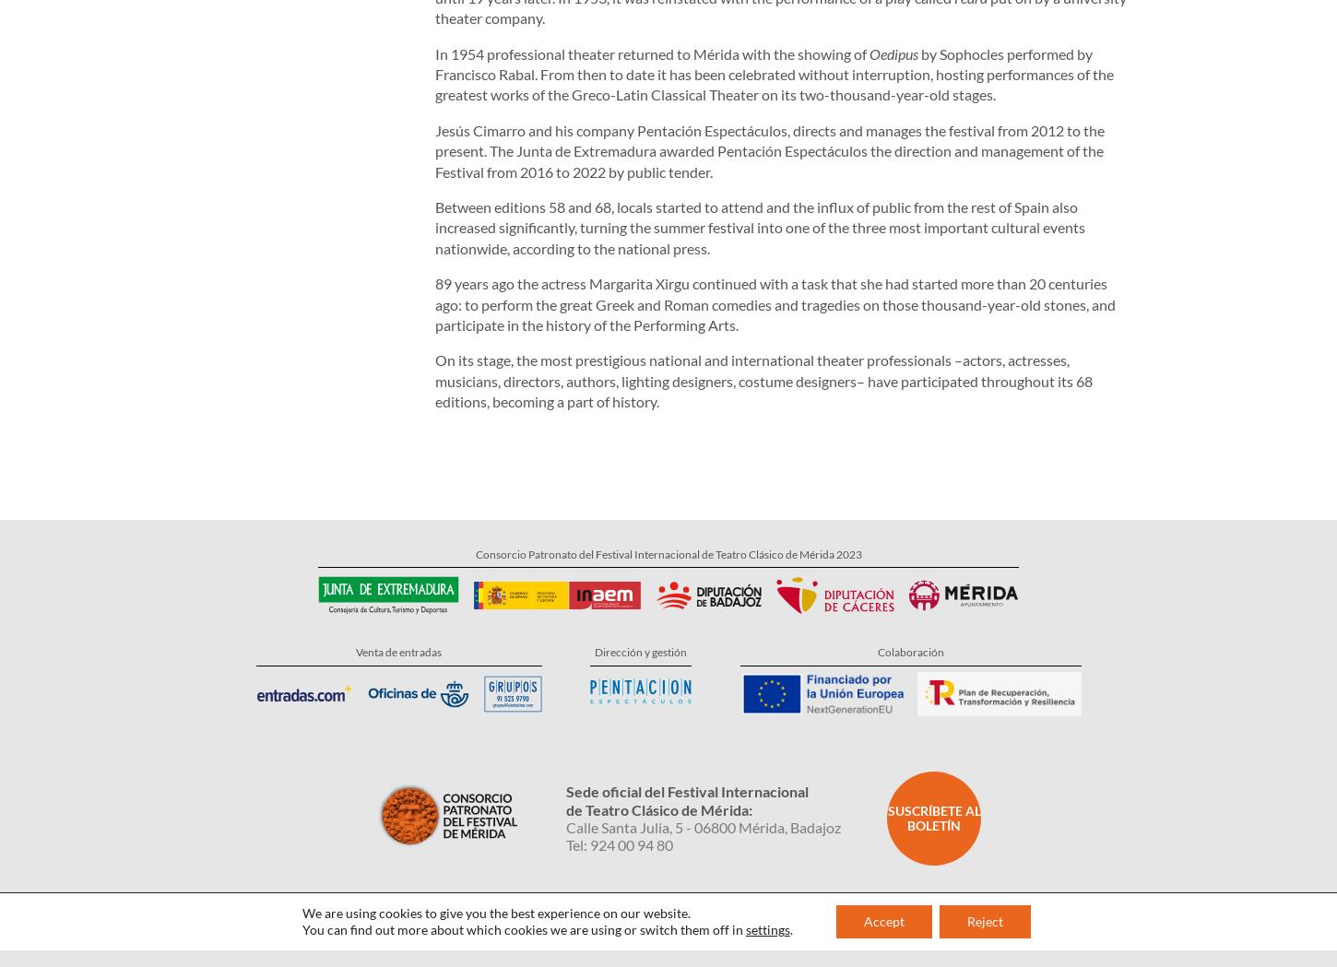 This screenshot has height=967, width=1337. I want to click on '.', so click(789, 855).